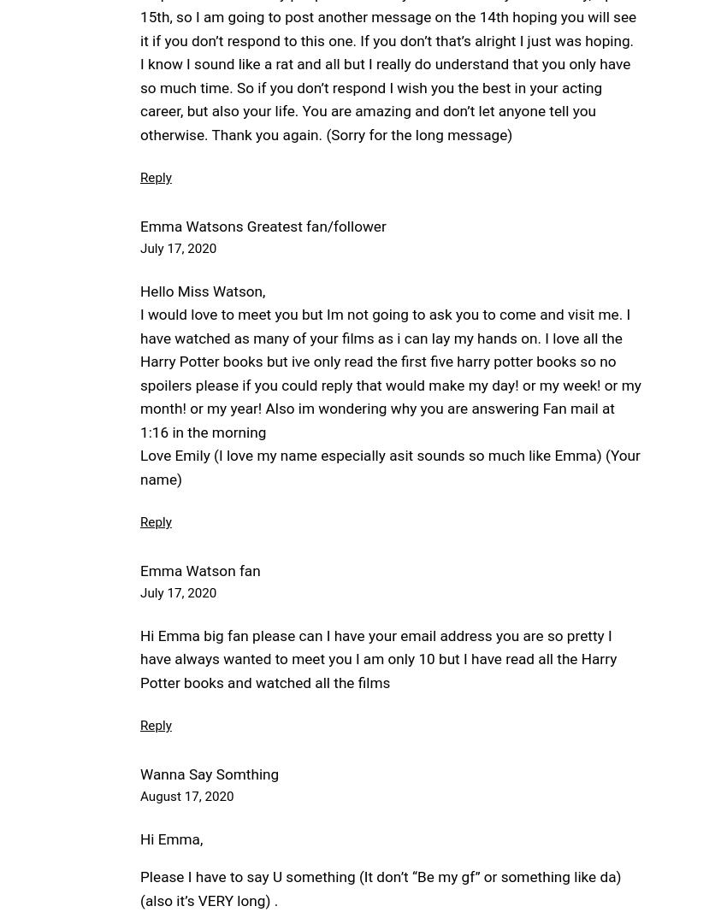 This screenshot has height=918, width=727. Describe the element at coordinates (200, 568) in the screenshot. I see `'Emma Watson fan'` at that location.